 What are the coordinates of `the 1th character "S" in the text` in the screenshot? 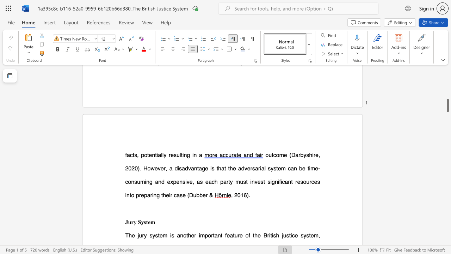 It's located at (139, 222).